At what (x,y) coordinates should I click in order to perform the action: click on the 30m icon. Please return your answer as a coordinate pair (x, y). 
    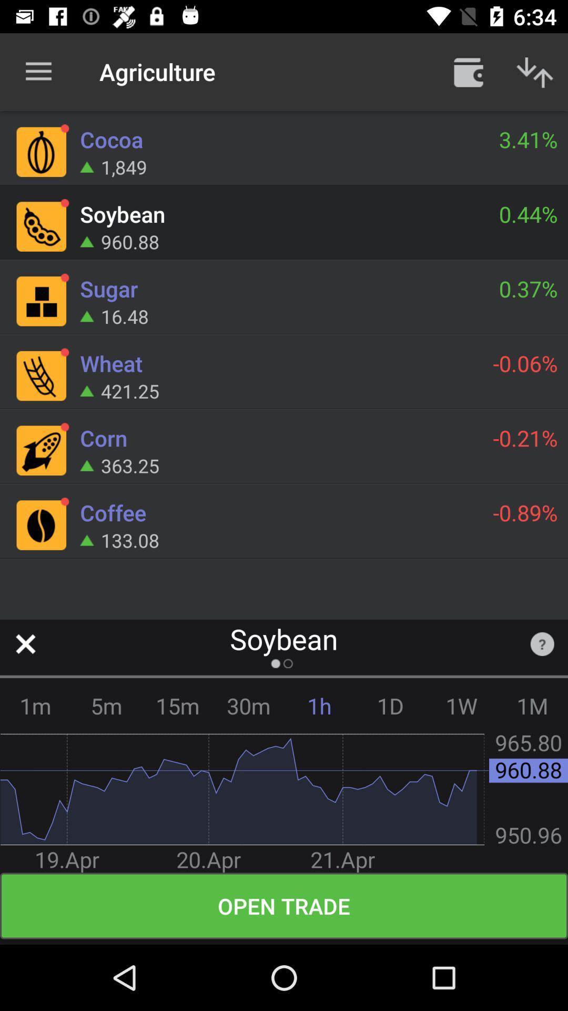
    Looking at the image, I should click on (248, 706).